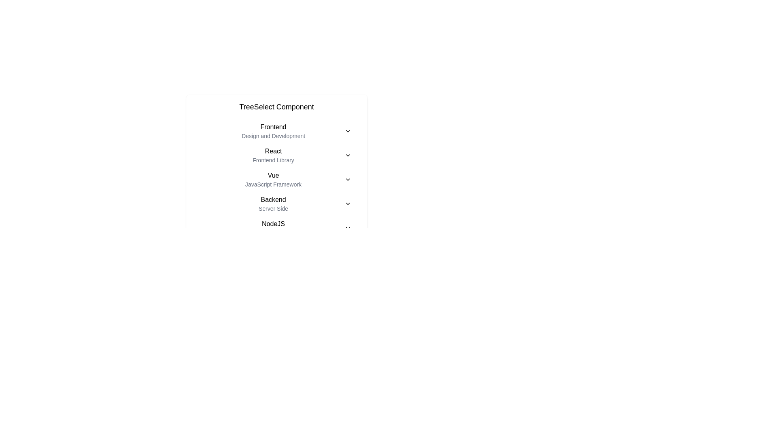  Describe the element at coordinates (273, 203) in the screenshot. I see `the text block labeled 'Backend'` at that location.